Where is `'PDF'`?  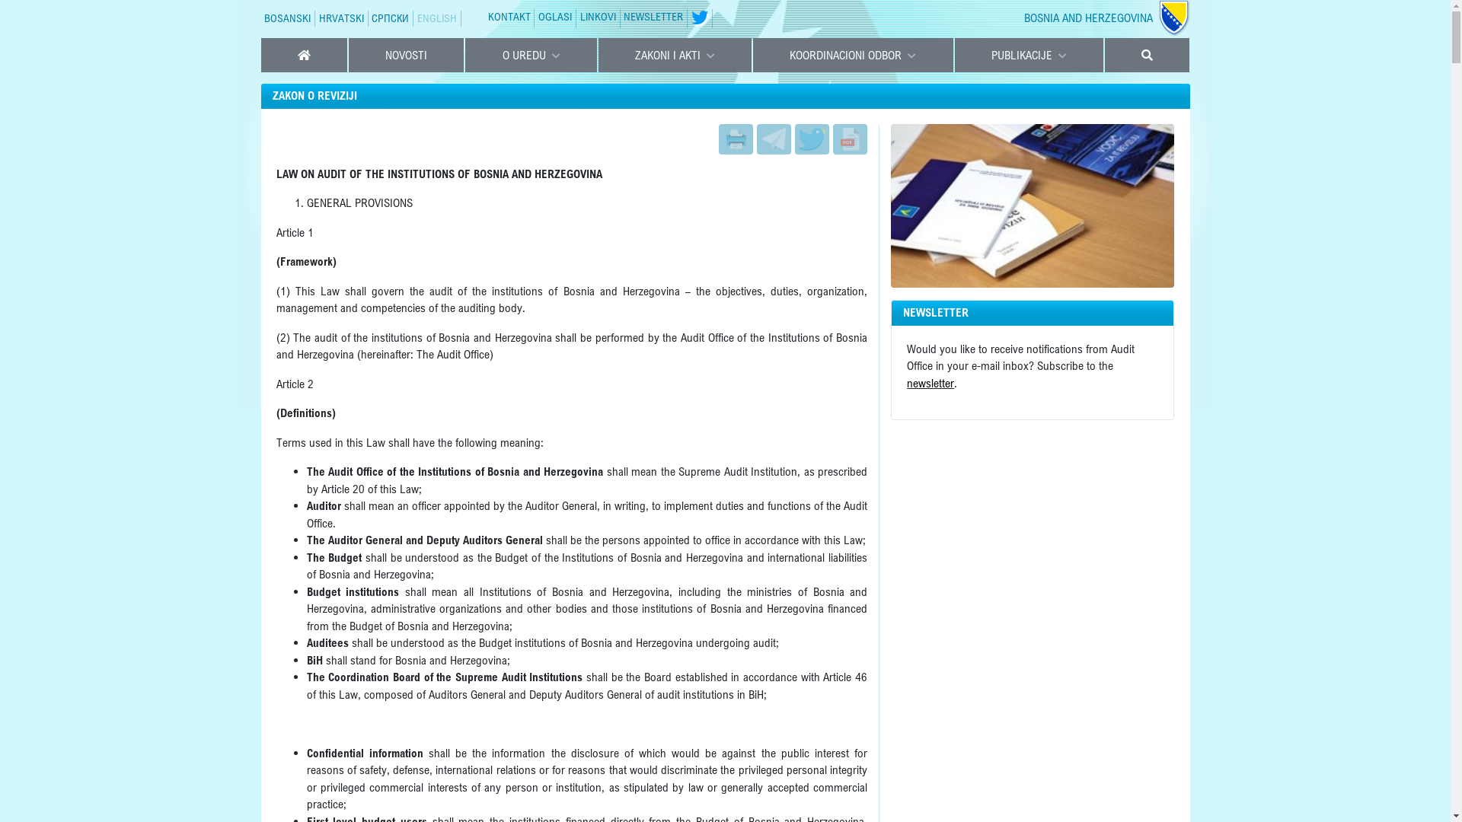
'PDF' is located at coordinates (849, 138).